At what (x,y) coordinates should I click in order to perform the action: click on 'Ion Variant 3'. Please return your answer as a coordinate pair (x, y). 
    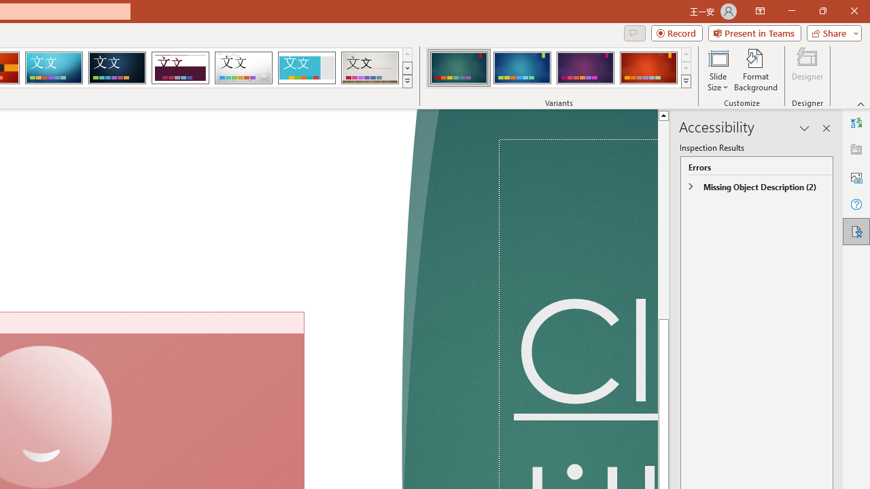
    Looking at the image, I should click on (585, 68).